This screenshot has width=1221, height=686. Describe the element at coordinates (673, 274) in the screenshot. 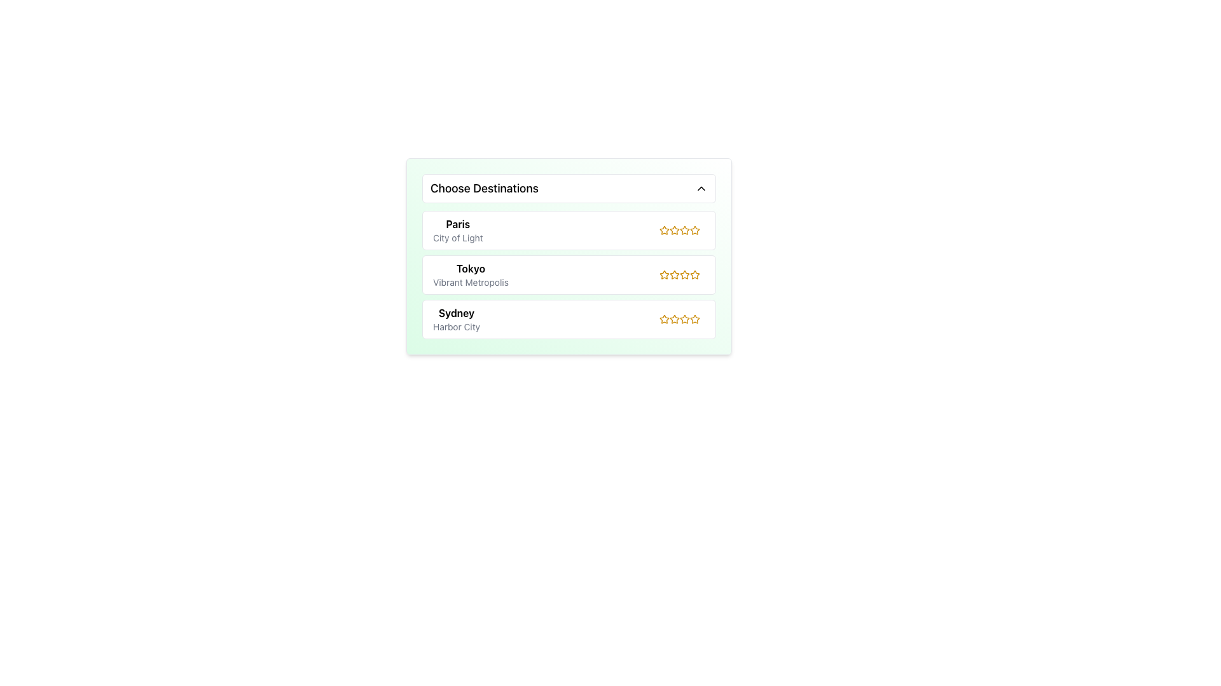

I see `the third star in the five-star rating system next to the label 'Tokyo' in the second row of the list interface` at that location.